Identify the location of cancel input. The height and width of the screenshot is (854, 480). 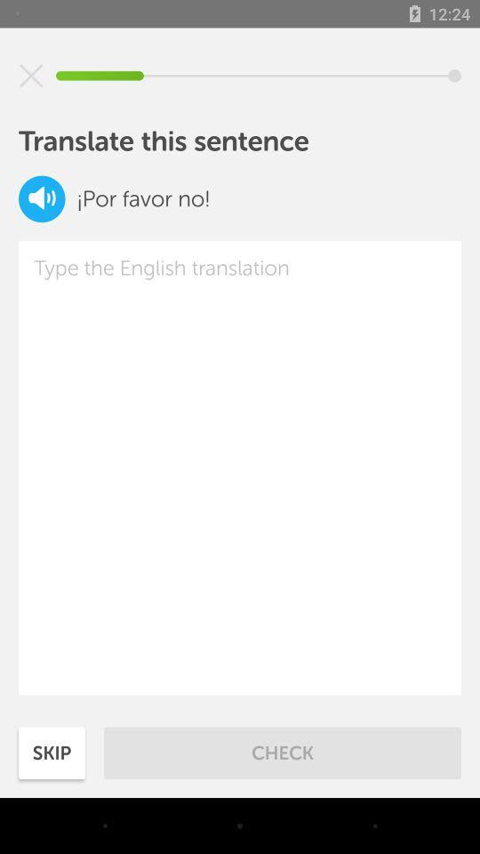
(31, 76).